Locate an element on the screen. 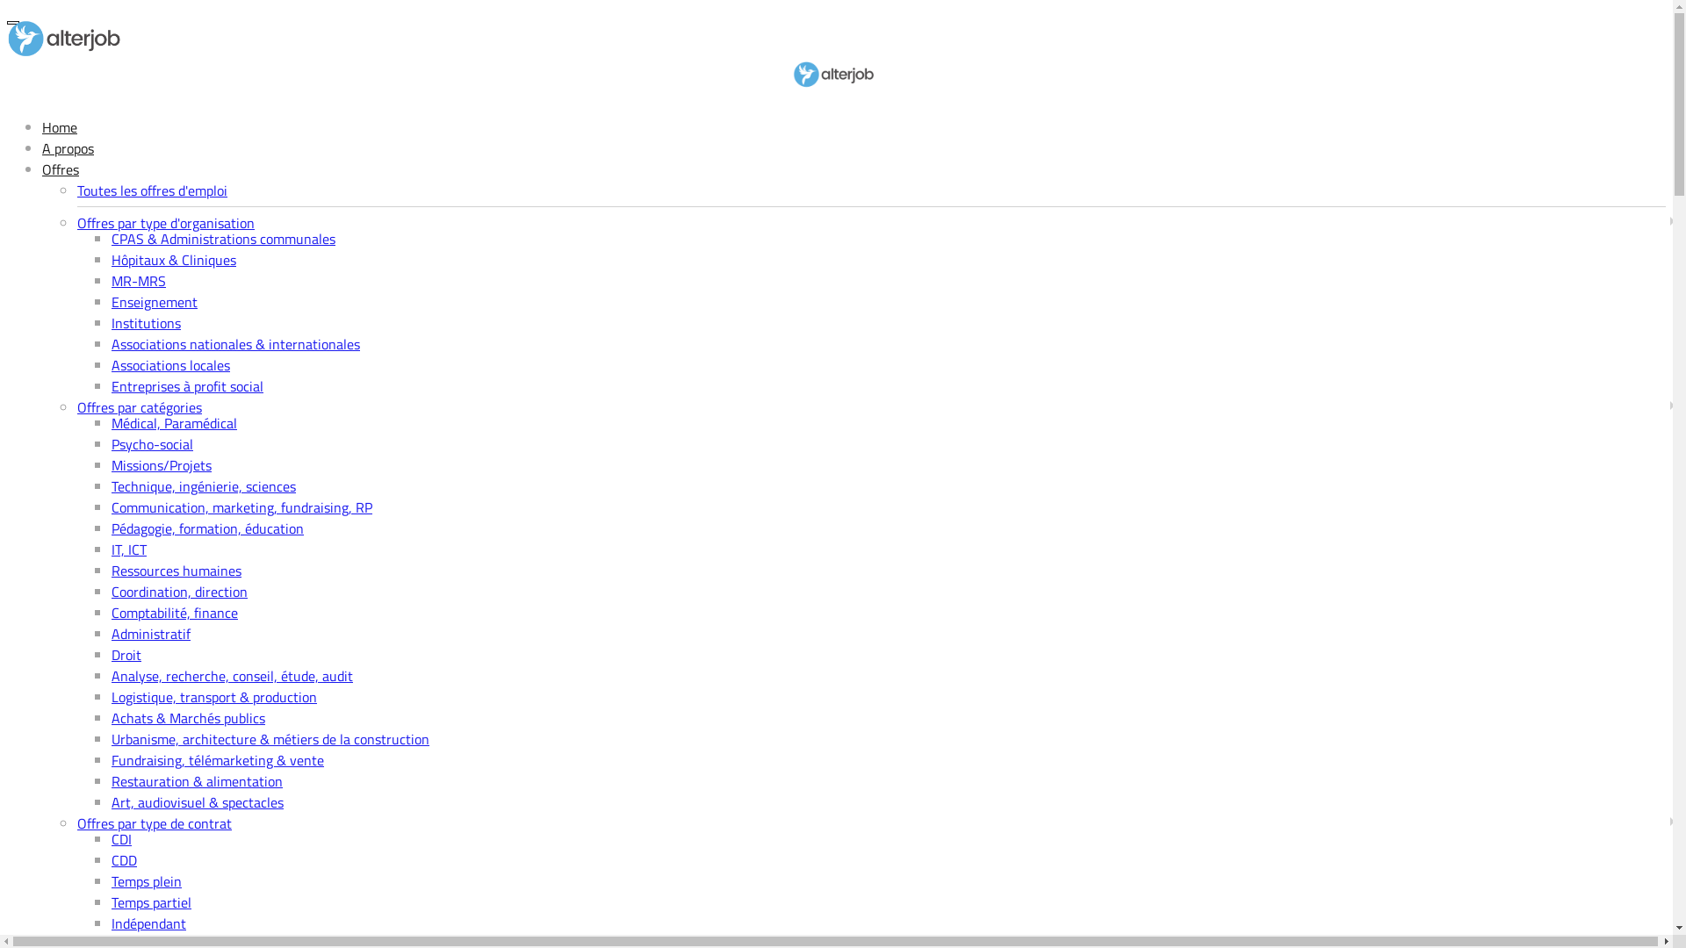 This screenshot has height=948, width=1686. 'Art, audiovisuel & spectacles' is located at coordinates (110, 802).